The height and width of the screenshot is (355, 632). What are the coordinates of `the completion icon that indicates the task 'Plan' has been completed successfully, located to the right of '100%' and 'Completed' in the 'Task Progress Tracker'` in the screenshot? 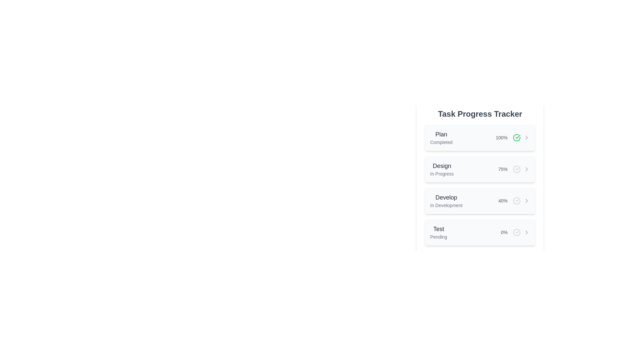 It's located at (516, 137).